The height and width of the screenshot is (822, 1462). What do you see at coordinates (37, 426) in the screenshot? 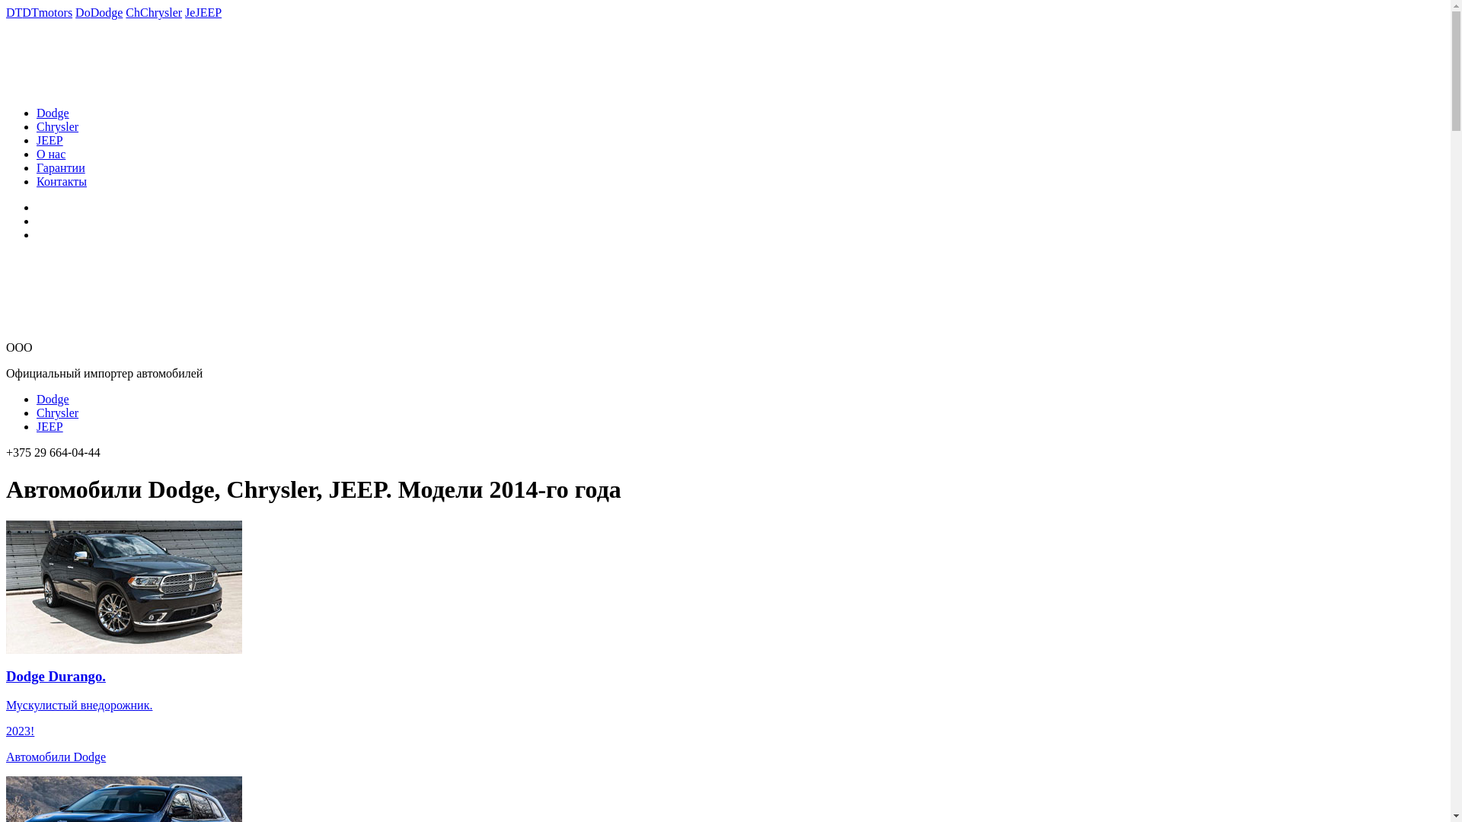
I see `'JEEP'` at bounding box center [37, 426].